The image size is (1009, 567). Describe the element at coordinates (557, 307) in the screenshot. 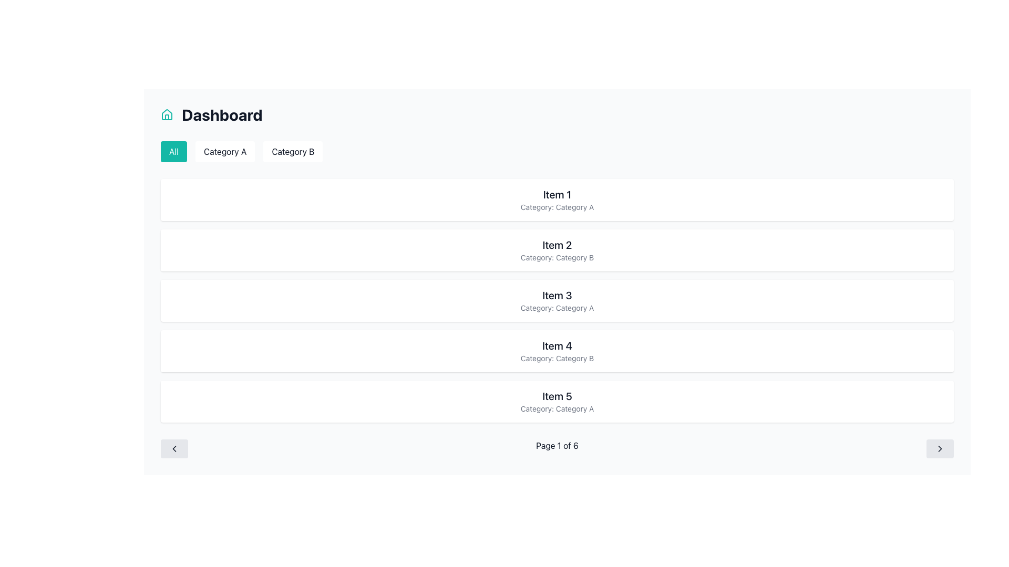

I see `category label text displayed beneath the title 'Item 3' in the card labeled 'Item 3'` at that location.